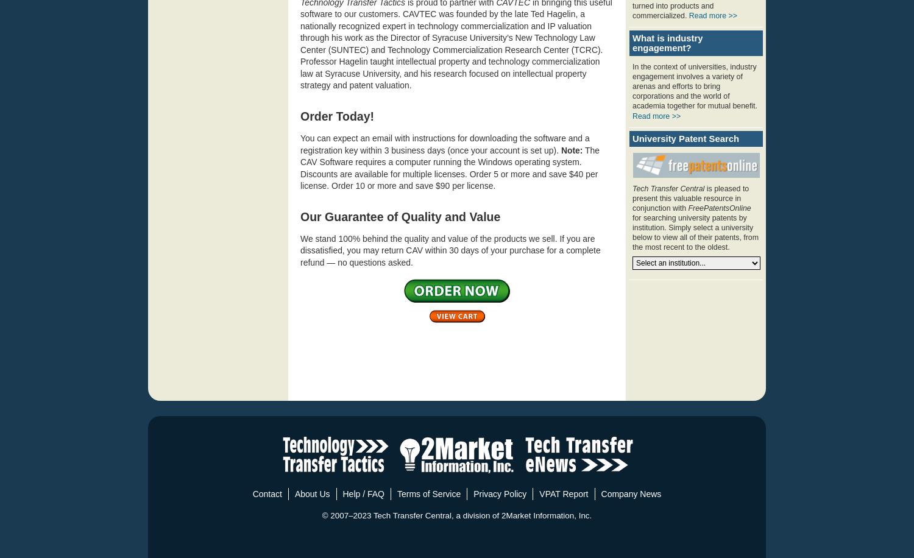 This screenshot has height=558, width=914. What do you see at coordinates (539, 493) in the screenshot?
I see `'VPAT Report'` at bounding box center [539, 493].